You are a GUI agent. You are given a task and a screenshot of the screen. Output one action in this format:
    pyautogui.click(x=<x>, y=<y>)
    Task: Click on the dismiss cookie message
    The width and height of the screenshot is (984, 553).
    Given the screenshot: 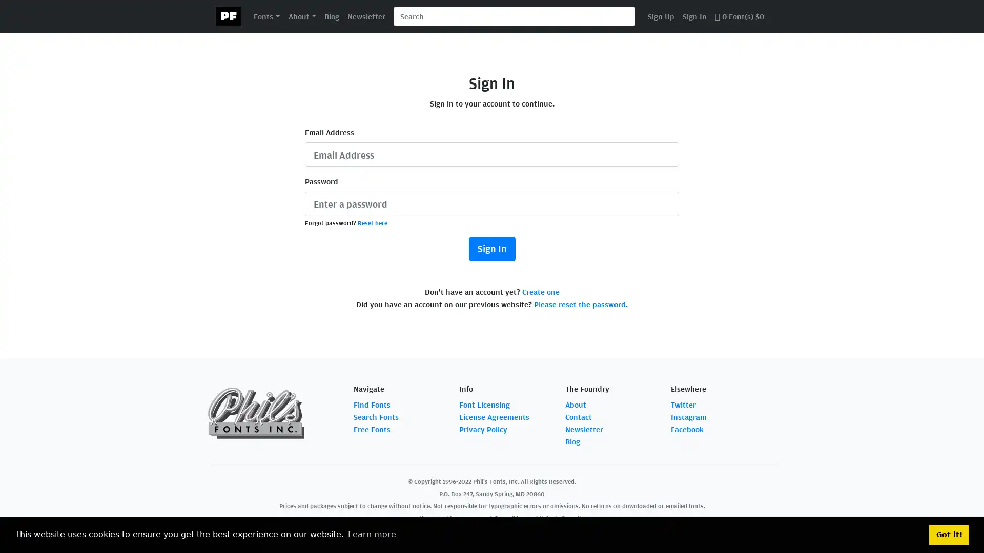 What is the action you would take?
    pyautogui.click(x=949, y=534)
    